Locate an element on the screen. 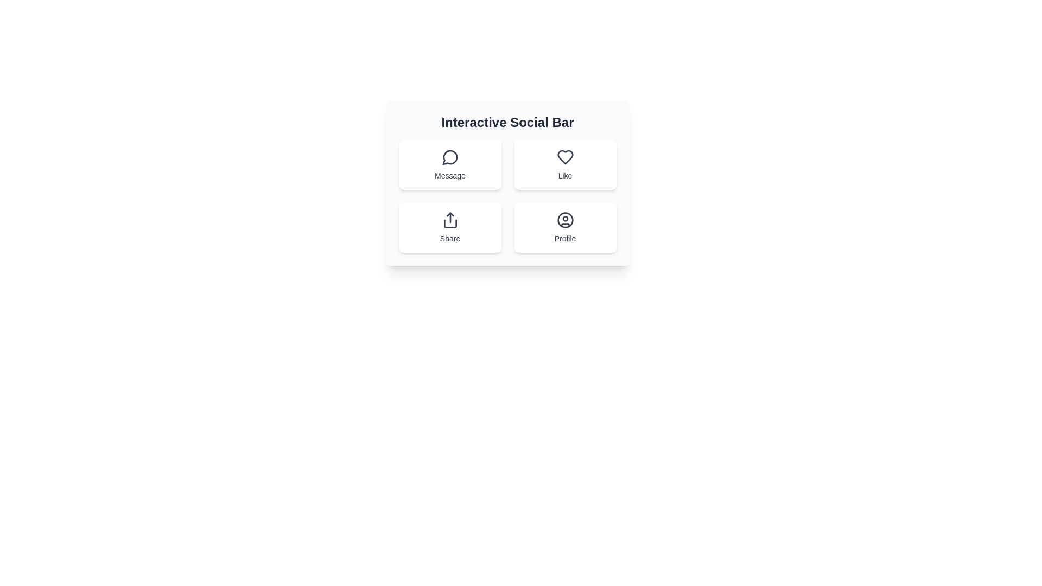  the circular SVG element representing the user's profile, which is centrally located within the profile icon in the bottom-right section of the grid layout under the 'Interactive Social Bar' title is located at coordinates (564, 220).